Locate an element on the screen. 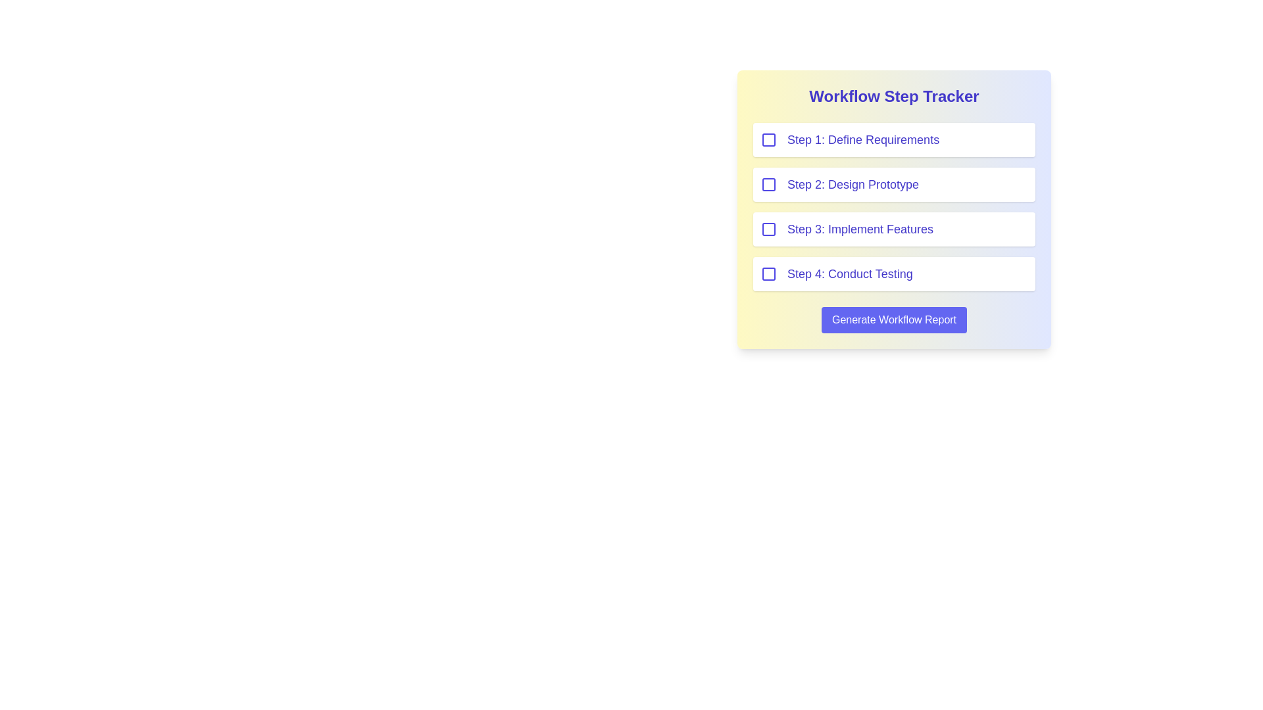 Image resolution: width=1263 pixels, height=710 pixels. the text label that reads 'Step 4: Conduct Testing', which is styled in a large indigo font and is part of a workflow steps list is located at coordinates (850, 273).